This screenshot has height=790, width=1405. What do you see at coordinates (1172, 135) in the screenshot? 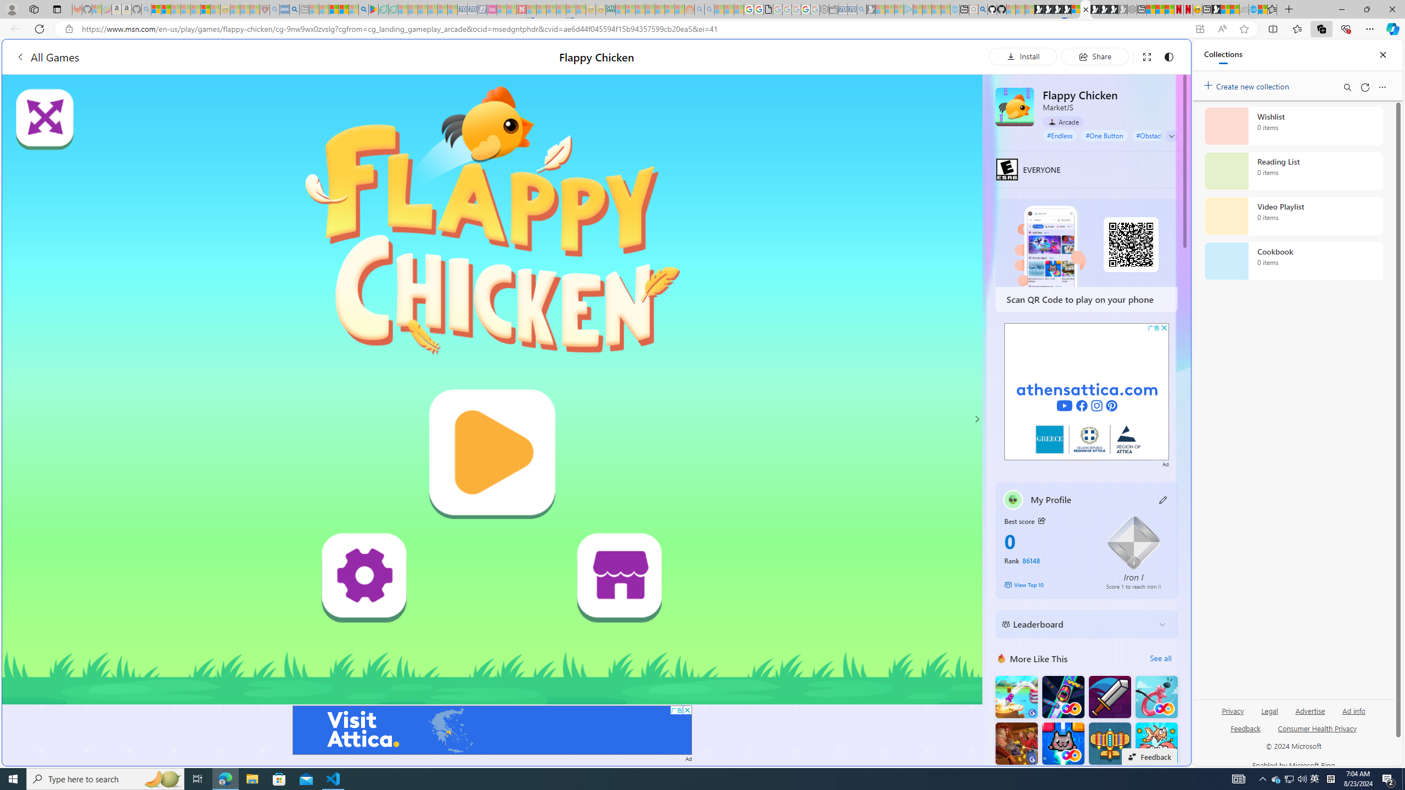
I see `'Class: control'` at bounding box center [1172, 135].